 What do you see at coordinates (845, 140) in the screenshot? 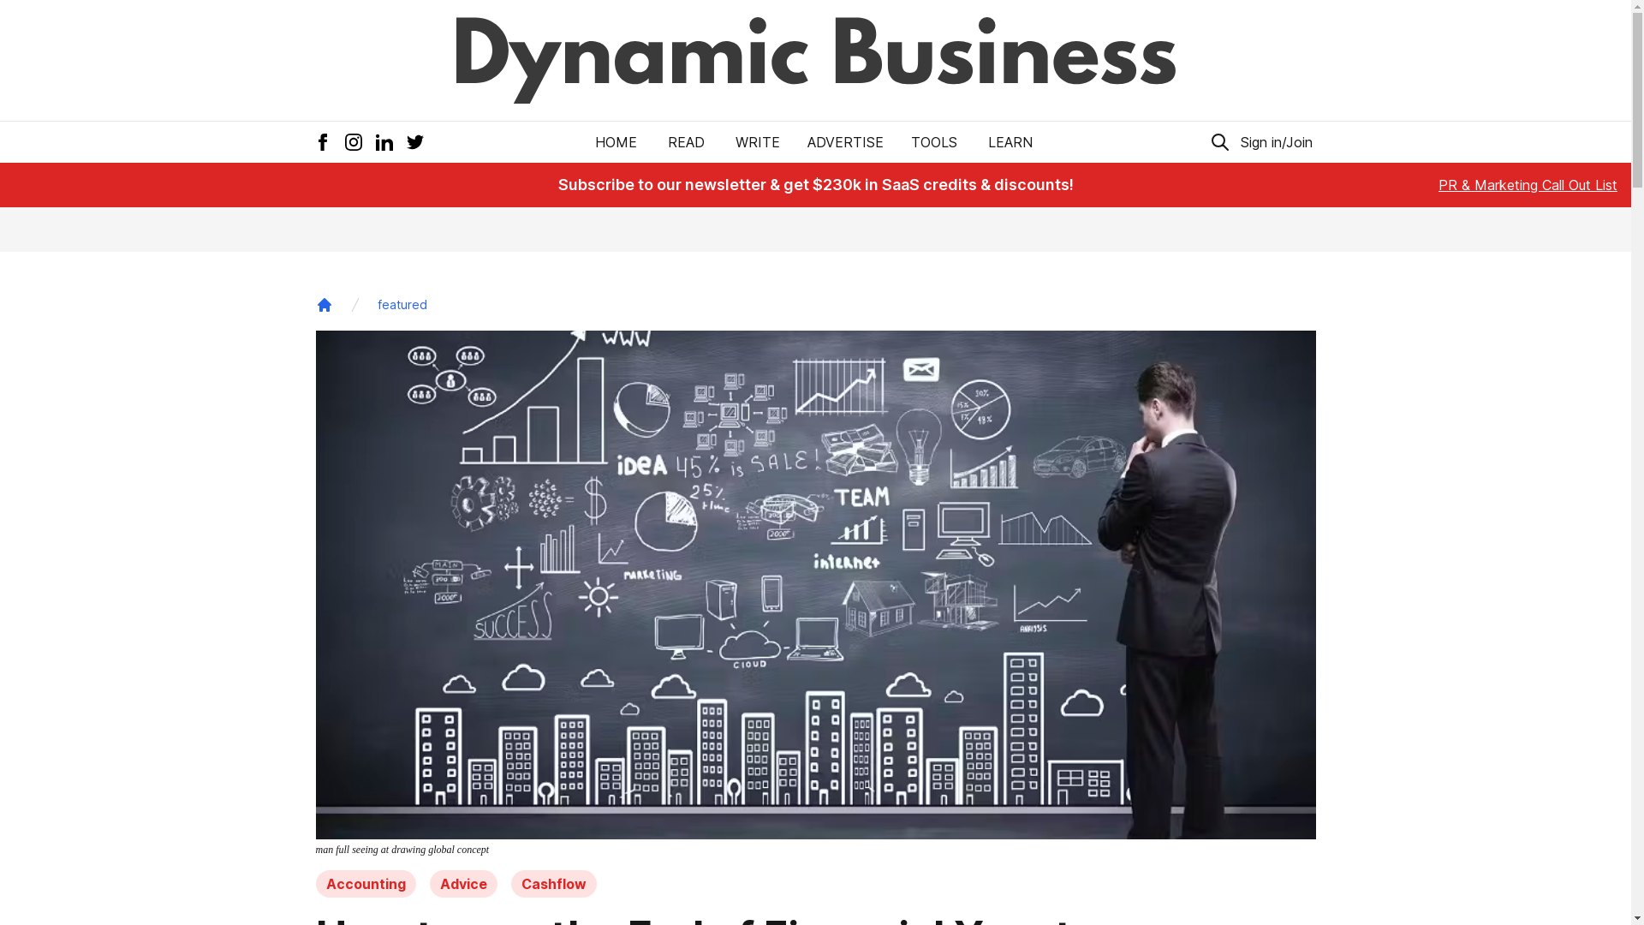
I see `'ADVERTISE'` at bounding box center [845, 140].